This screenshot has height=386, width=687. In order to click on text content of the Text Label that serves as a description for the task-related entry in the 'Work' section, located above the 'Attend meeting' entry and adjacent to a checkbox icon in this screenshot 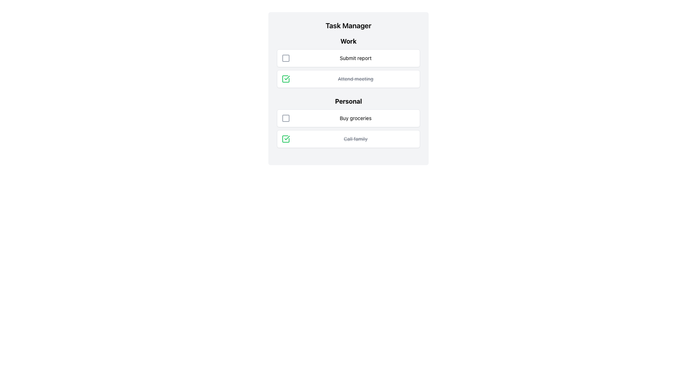, I will do `click(355, 58)`.